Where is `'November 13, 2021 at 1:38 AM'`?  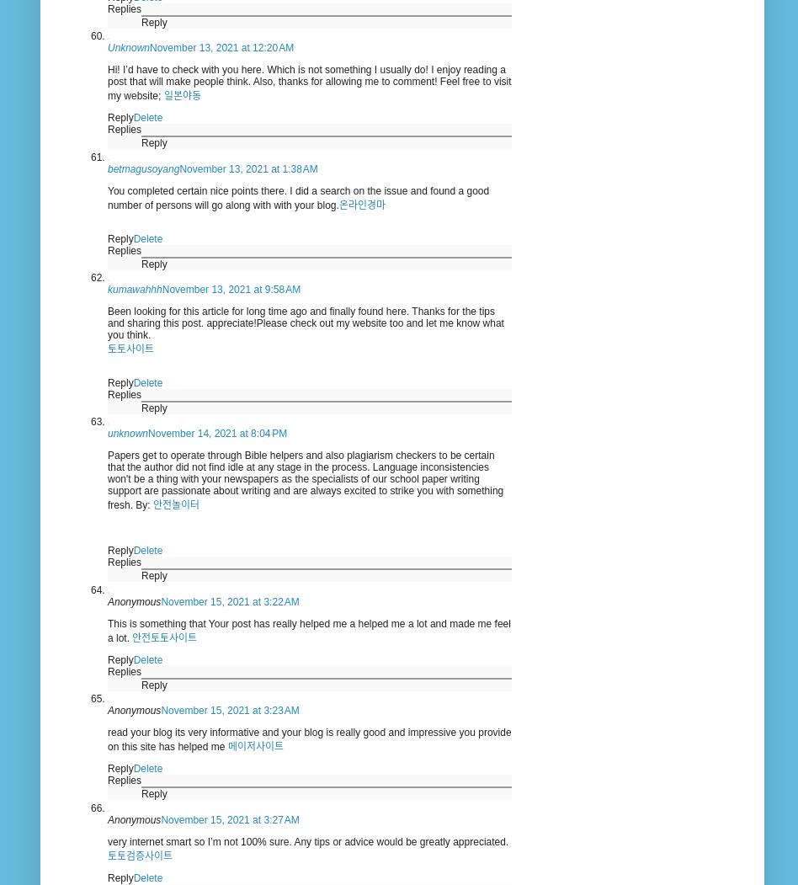 'November 13, 2021 at 1:38 AM' is located at coordinates (248, 168).